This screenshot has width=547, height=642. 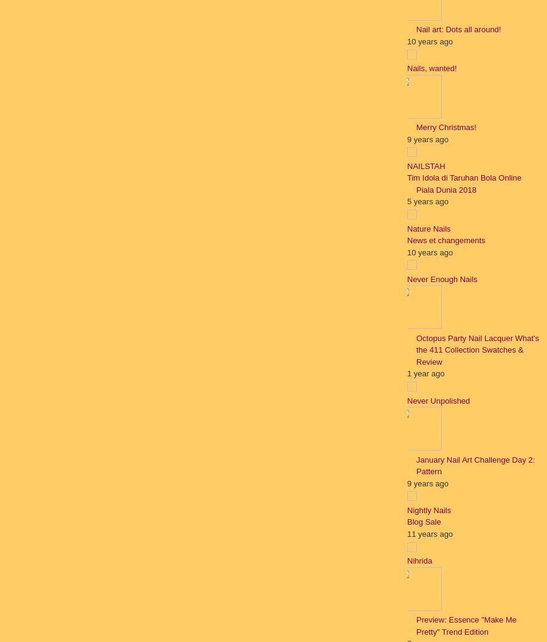 What do you see at coordinates (429, 533) in the screenshot?
I see `'11 years ago'` at bounding box center [429, 533].